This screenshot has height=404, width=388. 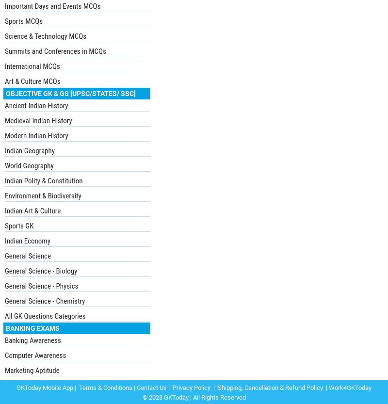 I want to click on 'Marketing Aptitude', so click(x=32, y=370).